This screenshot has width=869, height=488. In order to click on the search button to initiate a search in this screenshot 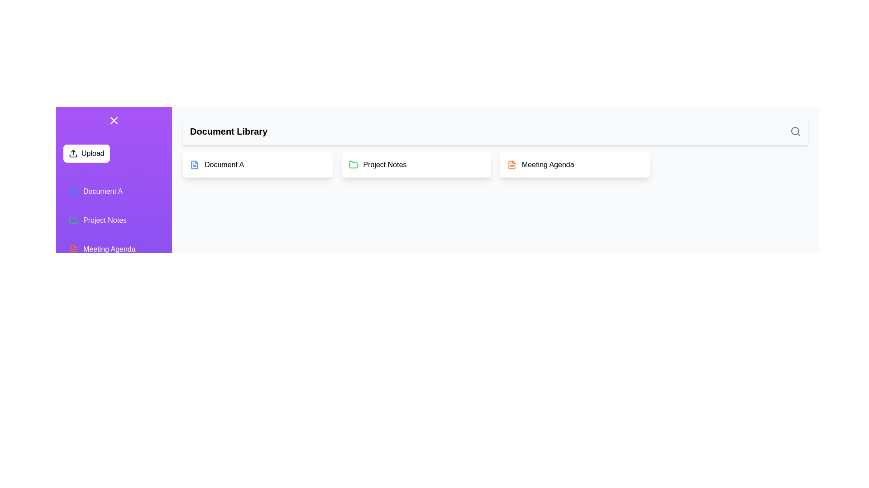, I will do `click(795, 131)`.